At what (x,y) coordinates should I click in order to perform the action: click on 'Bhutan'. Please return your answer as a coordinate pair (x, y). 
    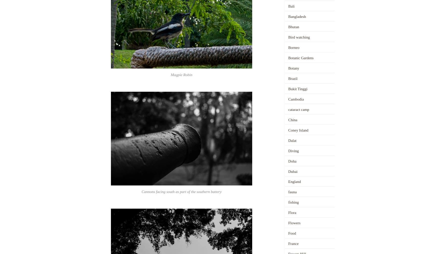
    Looking at the image, I should click on (293, 27).